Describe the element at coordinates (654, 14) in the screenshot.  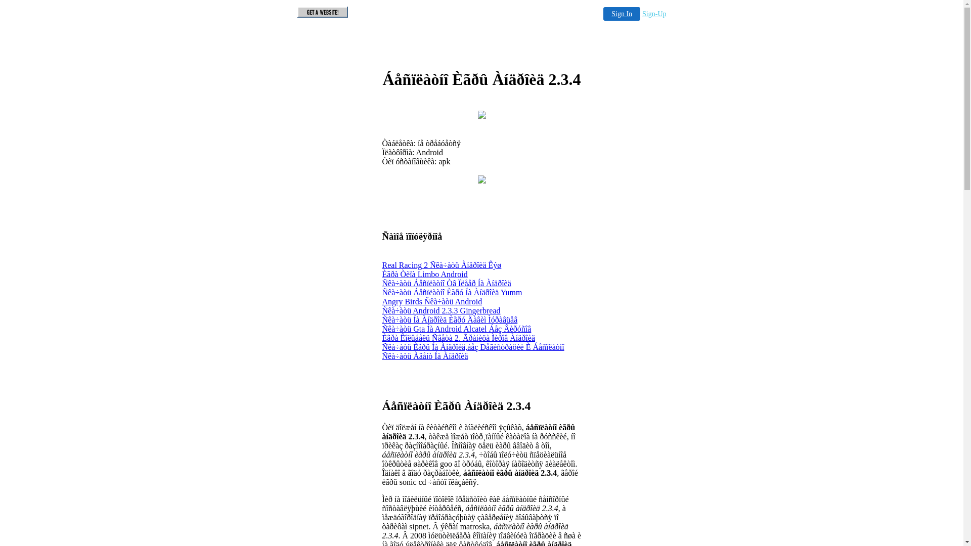
I see `'Sign-Up'` at that location.